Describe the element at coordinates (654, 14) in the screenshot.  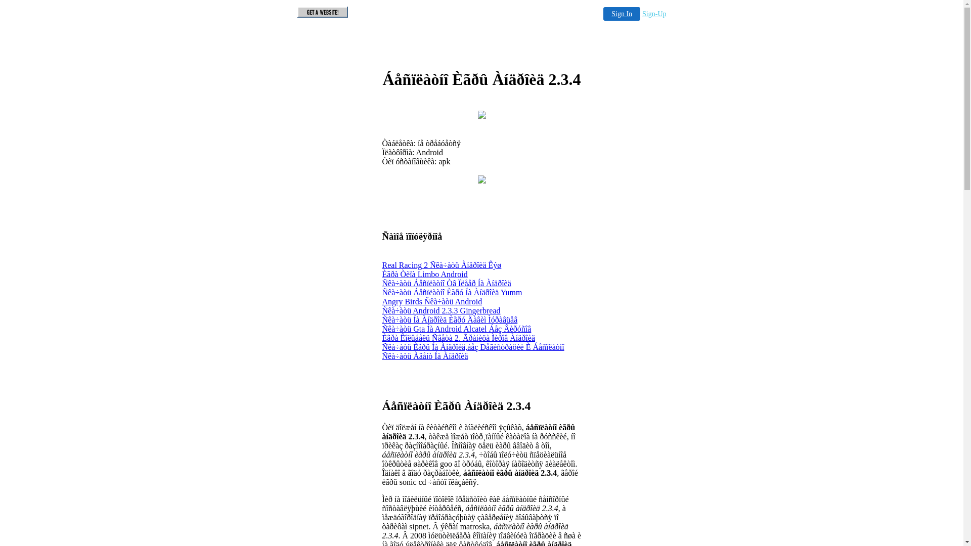
I see `'Sign-Up'` at that location.